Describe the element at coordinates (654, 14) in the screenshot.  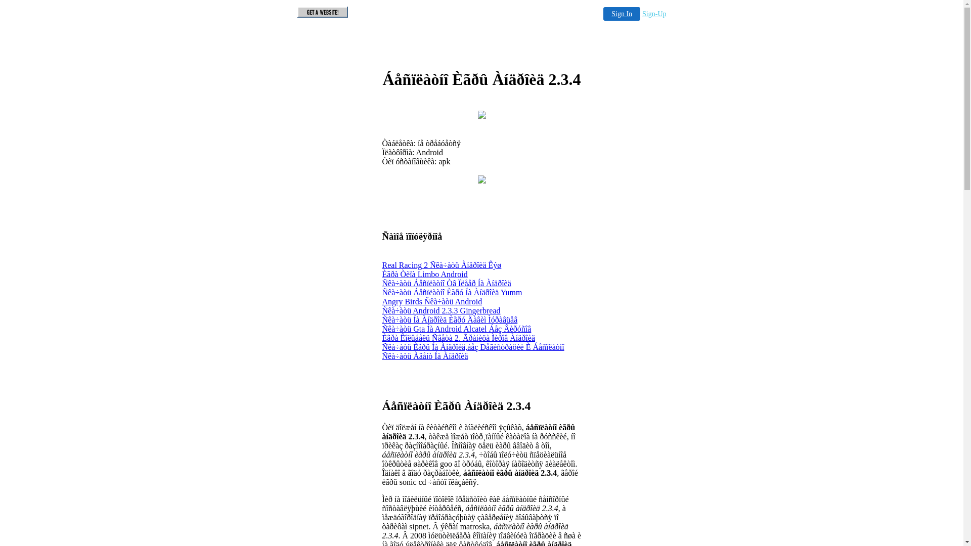
I see `'Sign-Up'` at that location.